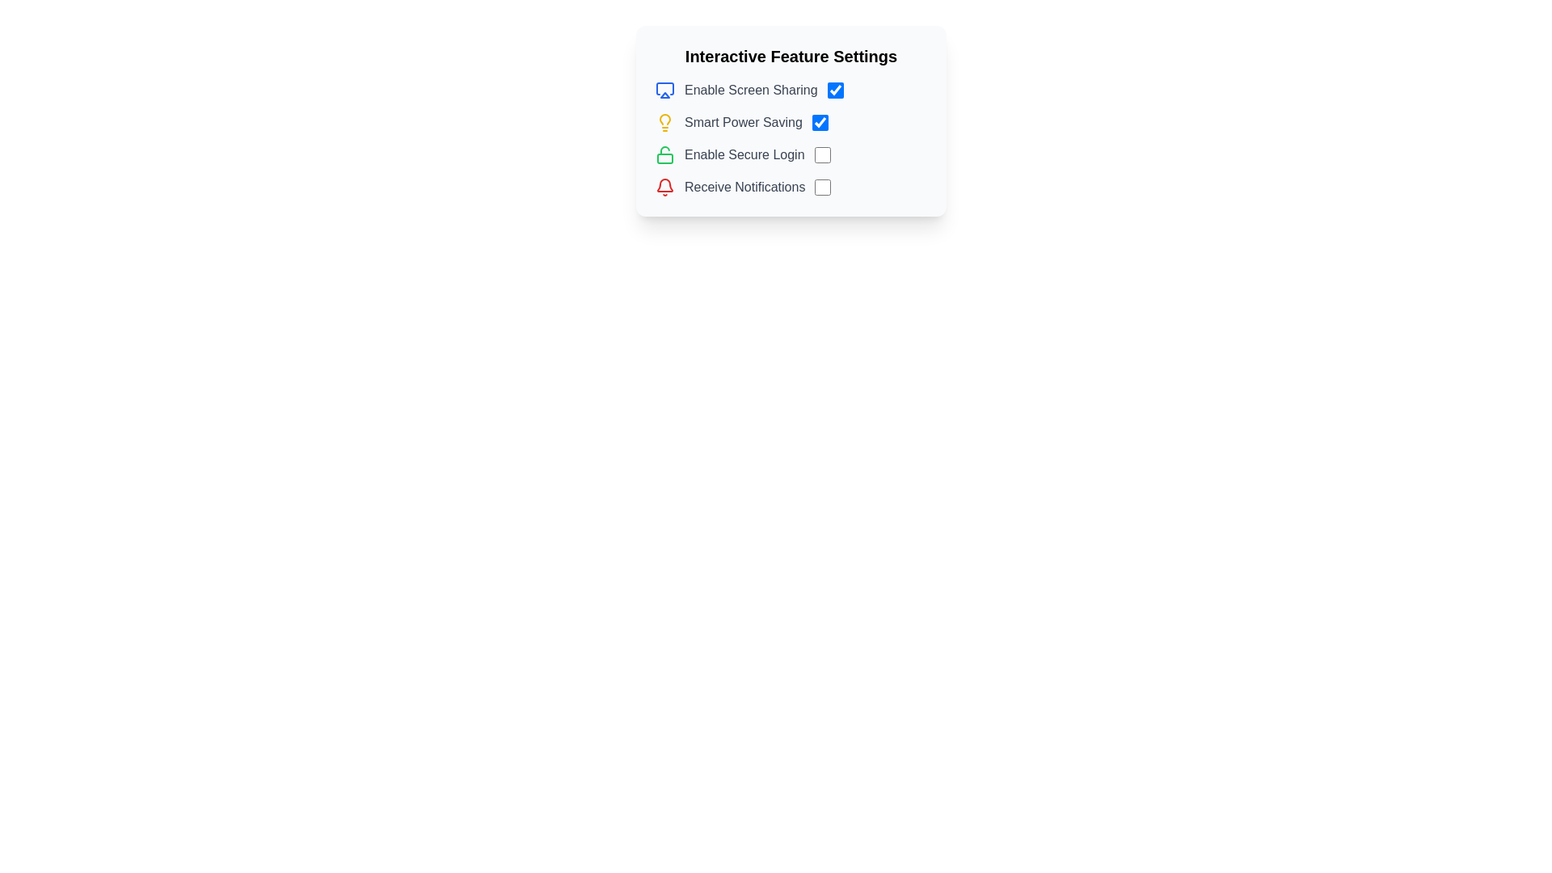 Image resolution: width=1552 pixels, height=873 pixels. Describe the element at coordinates (664, 186) in the screenshot. I see `the red-colored bell-shaped icon adjacent to the 'Receive Notifications' text in the settings options card` at that location.